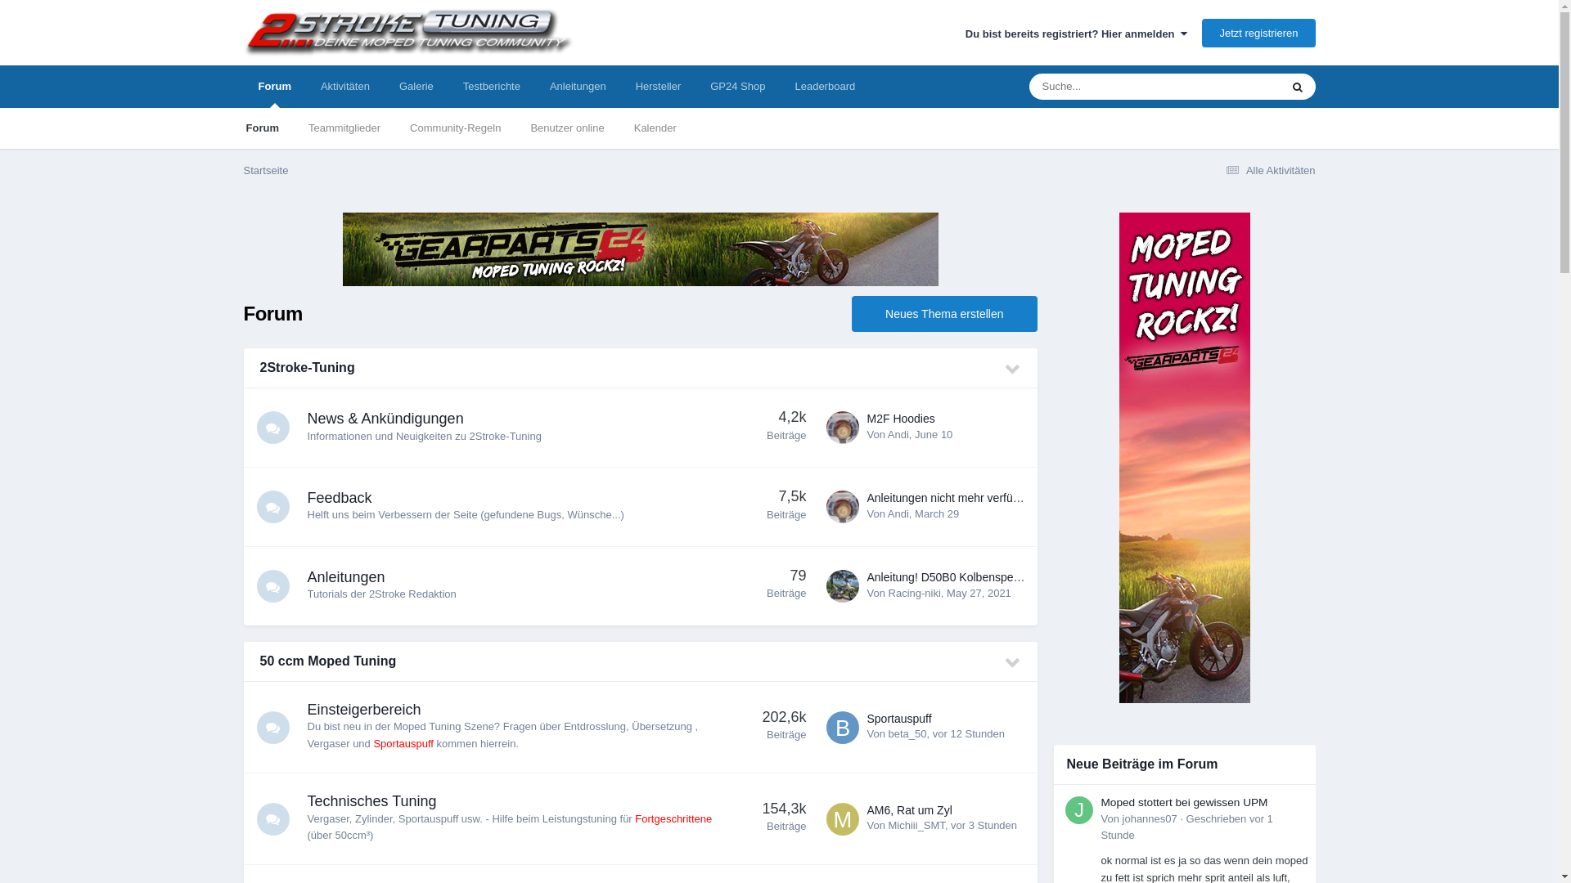 This screenshot has width=1571, height=883. I want to click on 'Testberichte', so click(490, 86).